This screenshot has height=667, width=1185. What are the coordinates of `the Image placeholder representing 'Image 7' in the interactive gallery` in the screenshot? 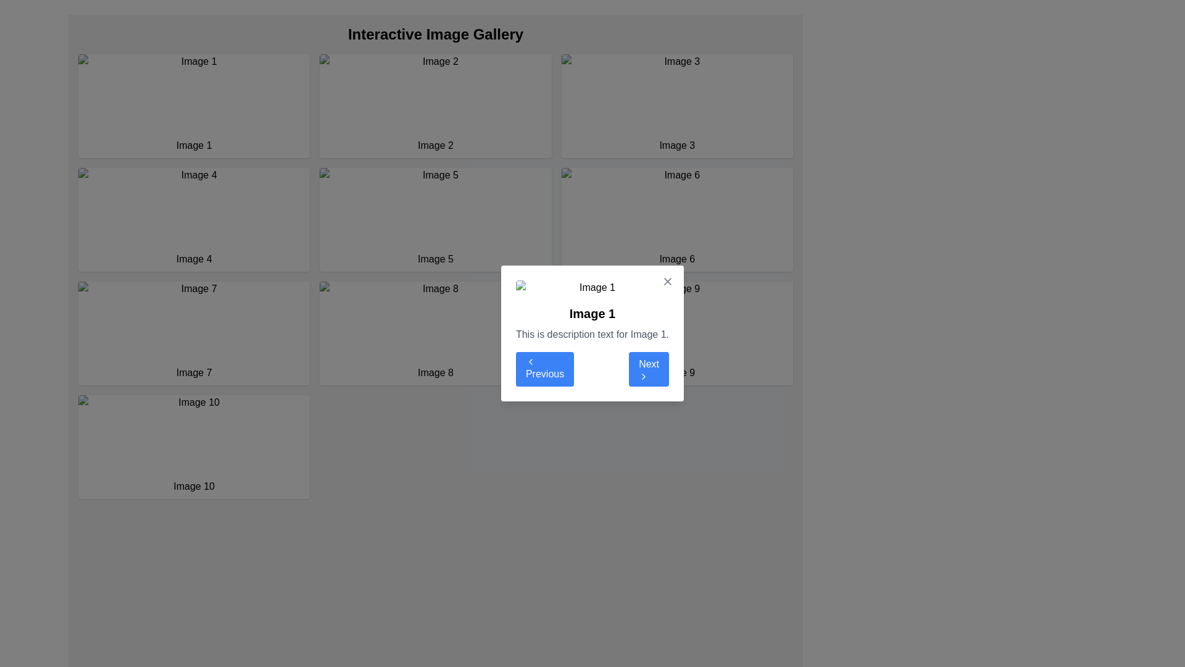 It's located at (193, 321).